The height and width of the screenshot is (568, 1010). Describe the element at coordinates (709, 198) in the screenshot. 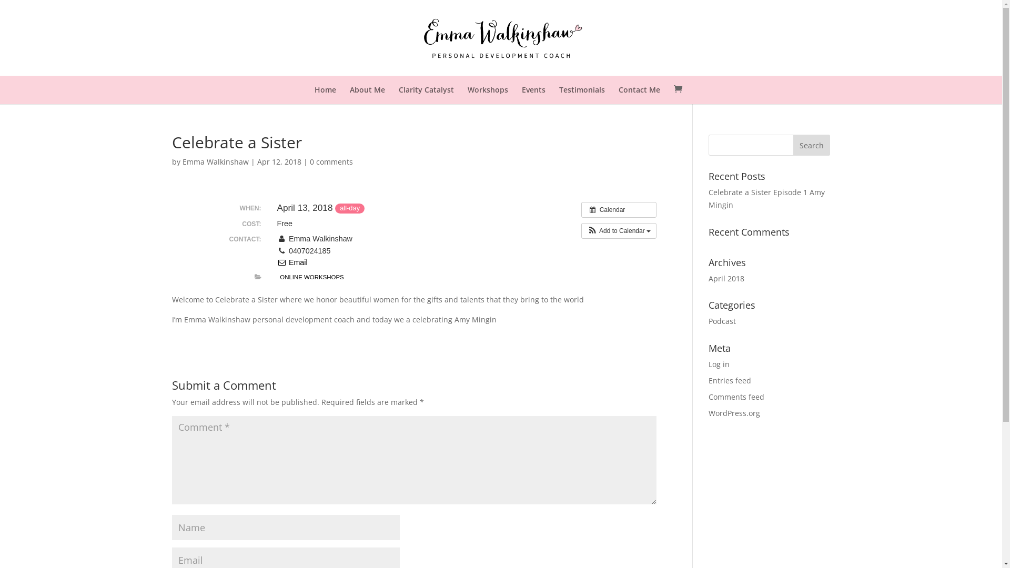

I see `'Celebrate a Sister Episode 1 Amy Mingin'` at that location.